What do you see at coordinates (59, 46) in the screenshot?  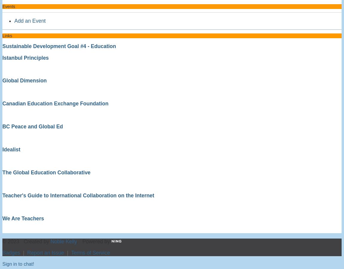 I see `'Sustainable Development Goal #4 - Education'` at bounding box center [59, 46].